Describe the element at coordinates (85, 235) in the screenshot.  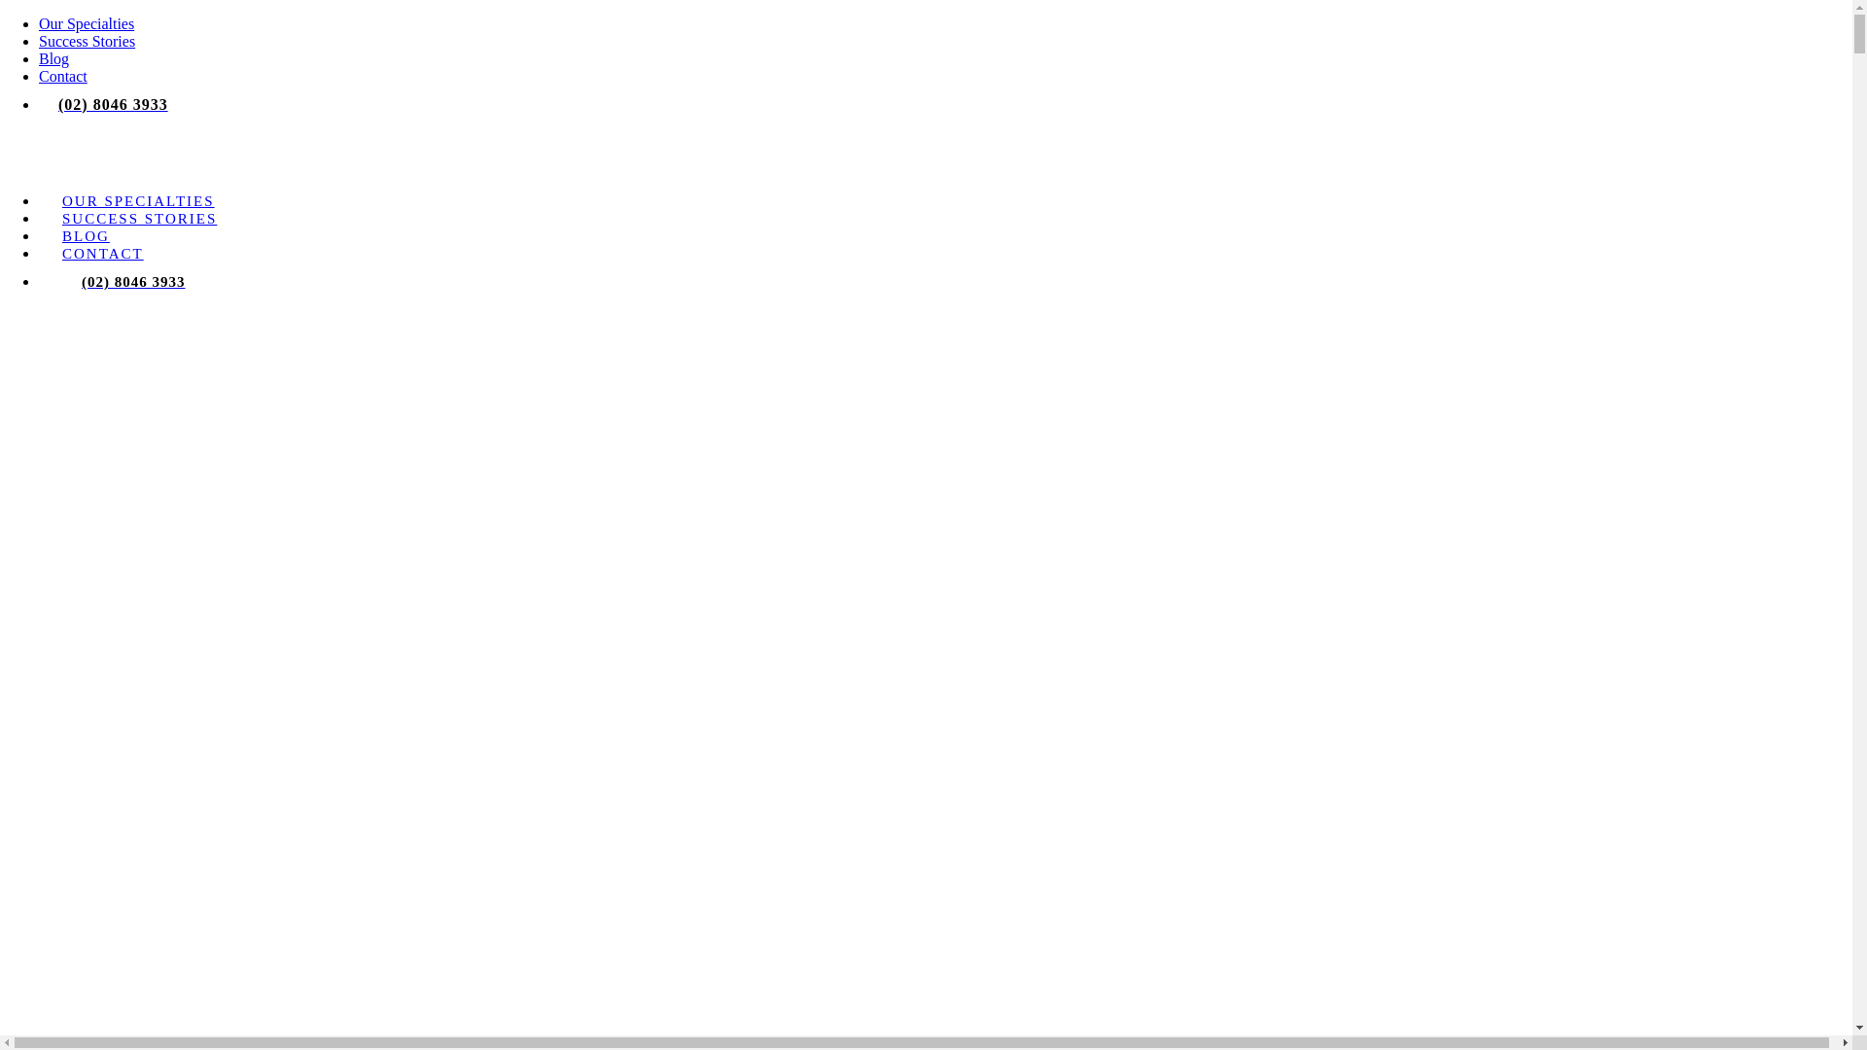
I see `'BLOG'` at that location.